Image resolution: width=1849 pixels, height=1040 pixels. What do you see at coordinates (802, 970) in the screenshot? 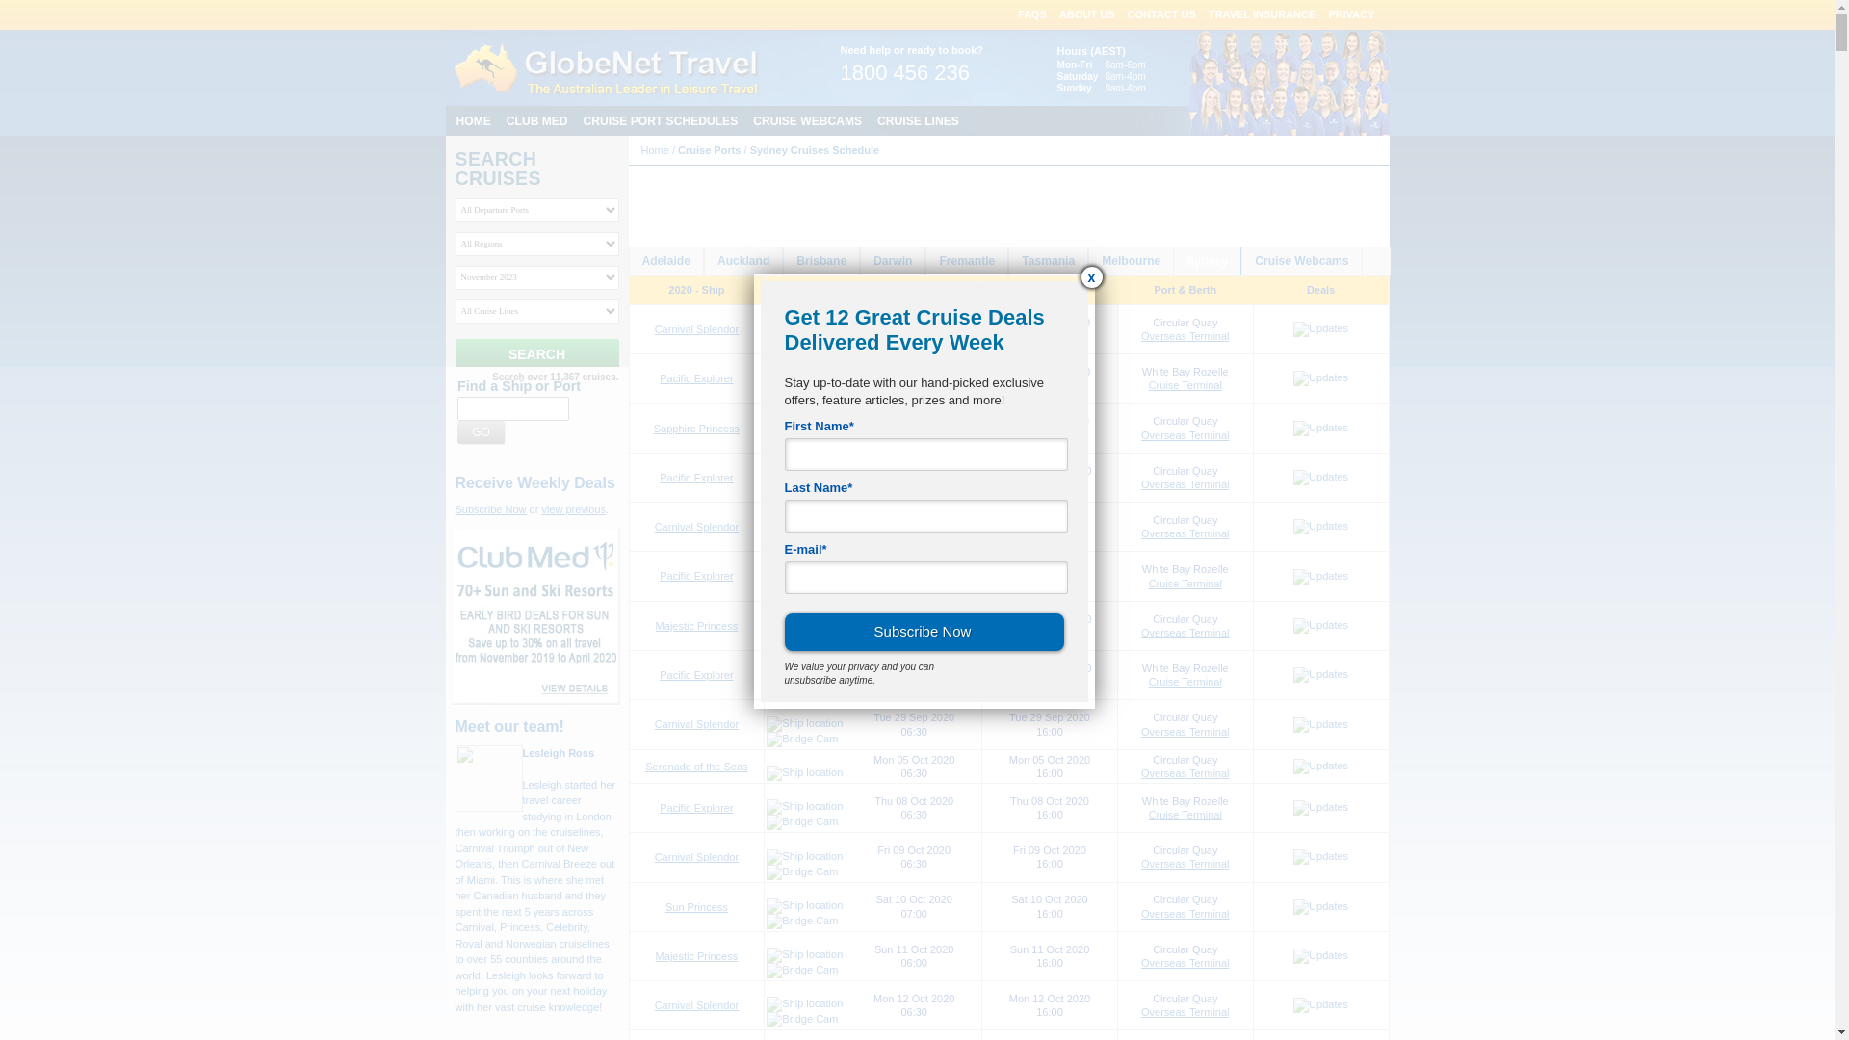
I see `'Bridge Cam'` at bounding box center [802, 970].